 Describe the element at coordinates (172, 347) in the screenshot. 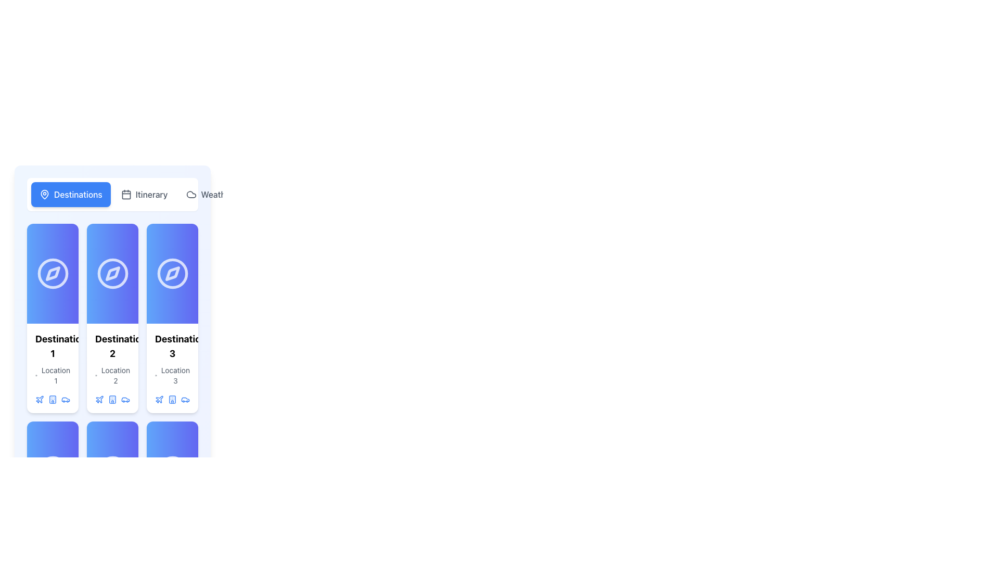

I see `the bold text label displaying 'Destination 3', which is the title text in the third card of a vertically stacked layout` at that location.